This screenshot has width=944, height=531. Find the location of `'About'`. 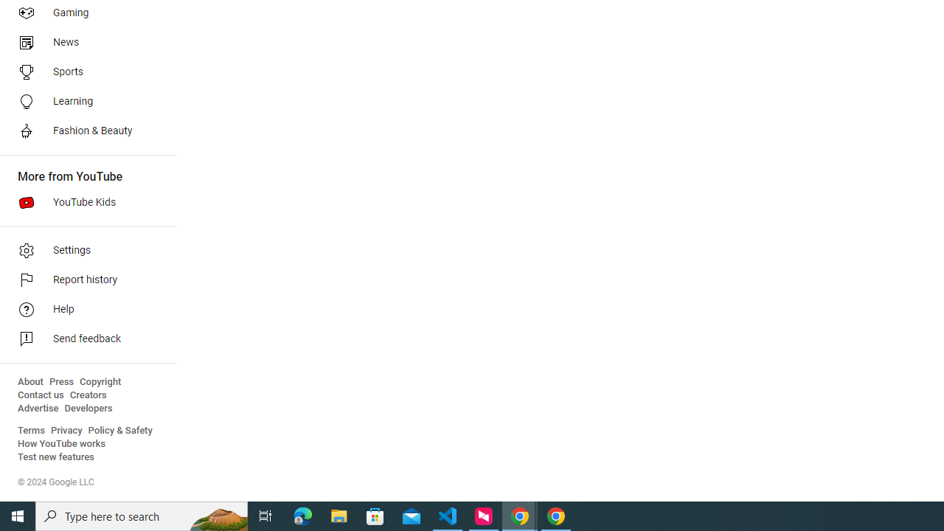

'About' is located at coordinates (30, 381).